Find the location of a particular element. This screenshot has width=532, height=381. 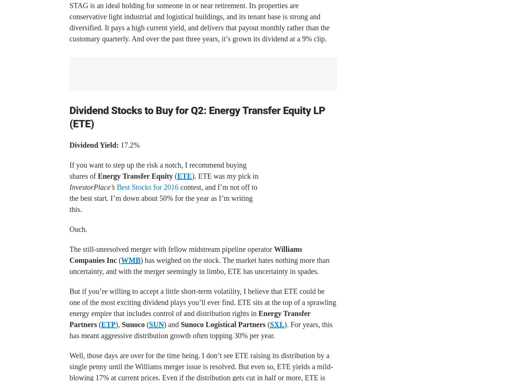

'17.2%' is located at coordinates (118, 144).